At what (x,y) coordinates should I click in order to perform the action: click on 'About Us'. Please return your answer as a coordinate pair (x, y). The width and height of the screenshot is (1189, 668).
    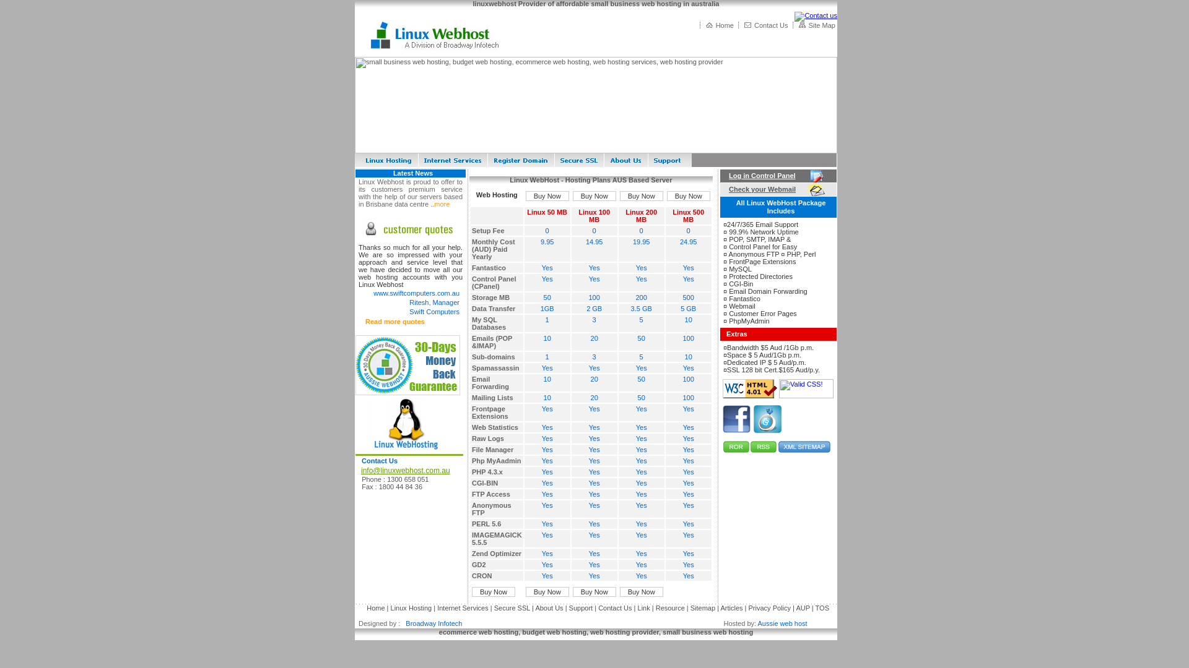
    Looking at the image, I should click on (548, 607).